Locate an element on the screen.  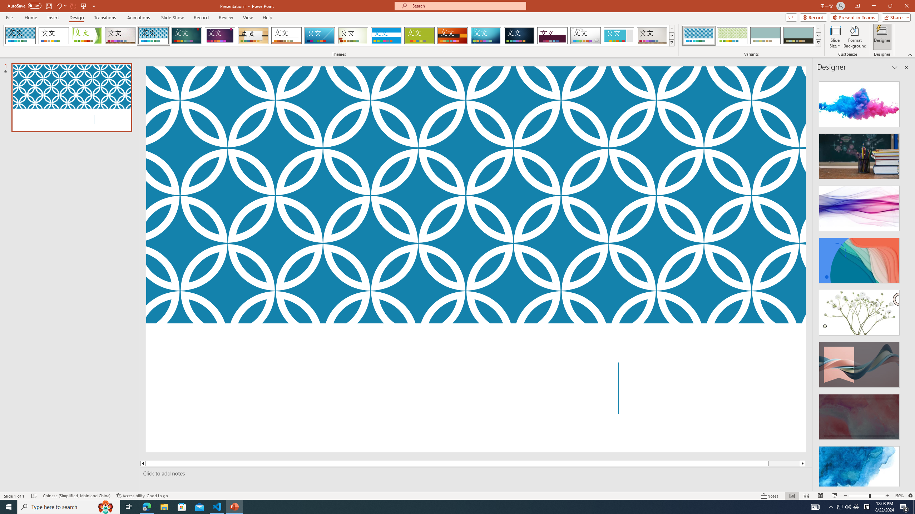
'Banded Loading Preview...' is located at coordinates (386, 35).